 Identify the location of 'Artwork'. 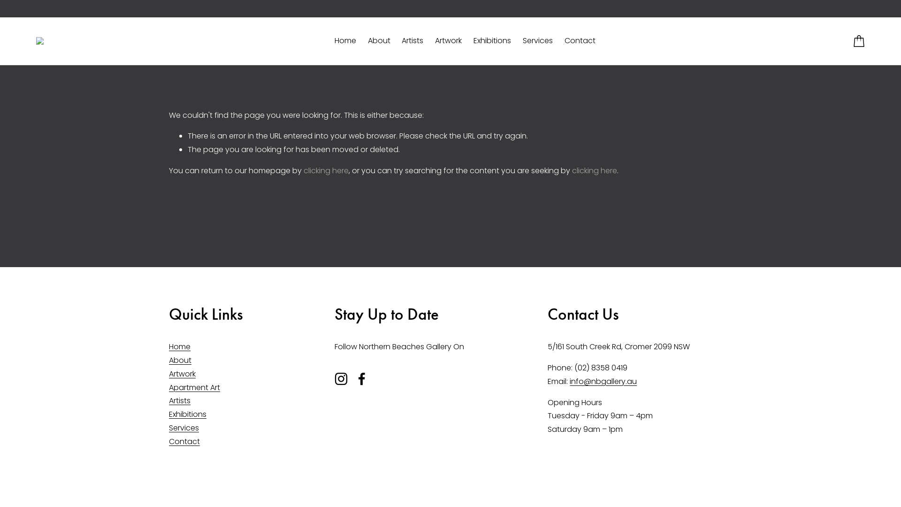
(448, 40).